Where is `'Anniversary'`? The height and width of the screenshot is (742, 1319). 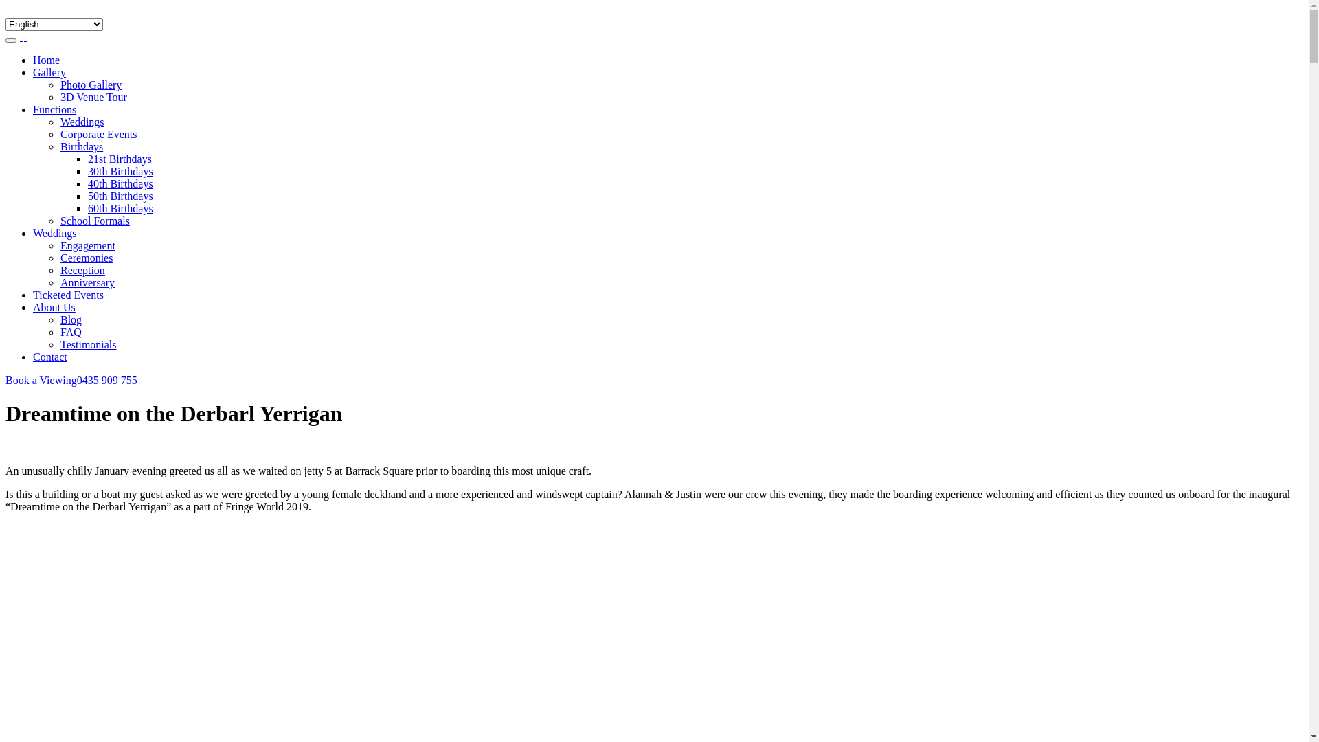 'Anniversary' is located at coordinates (87, 282).